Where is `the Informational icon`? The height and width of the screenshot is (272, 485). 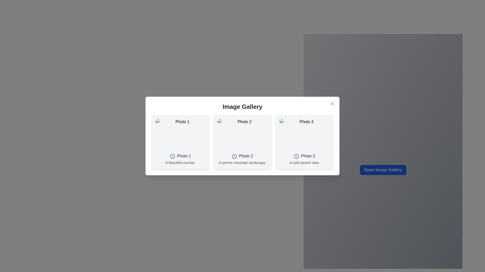 the Informational icon is located at coordinates (296, 156).